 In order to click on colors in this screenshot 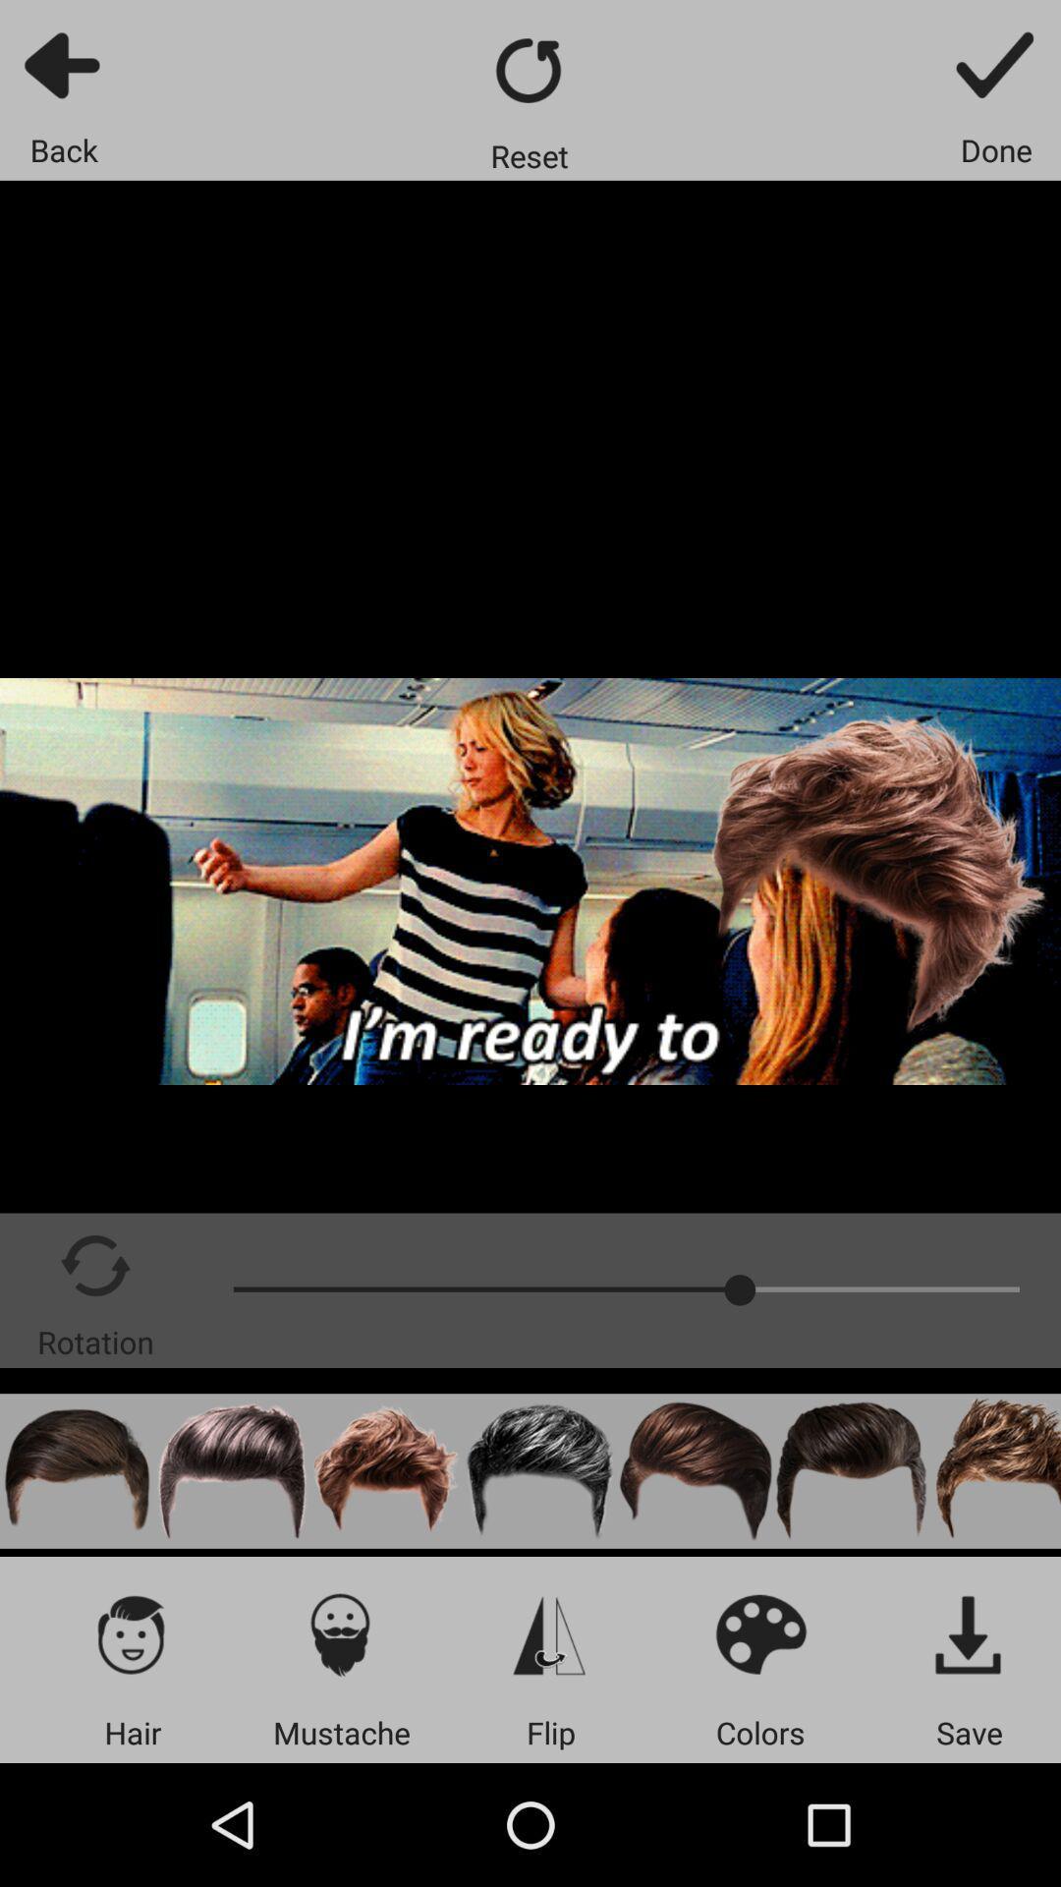, I will do `click(759, 1633)`.